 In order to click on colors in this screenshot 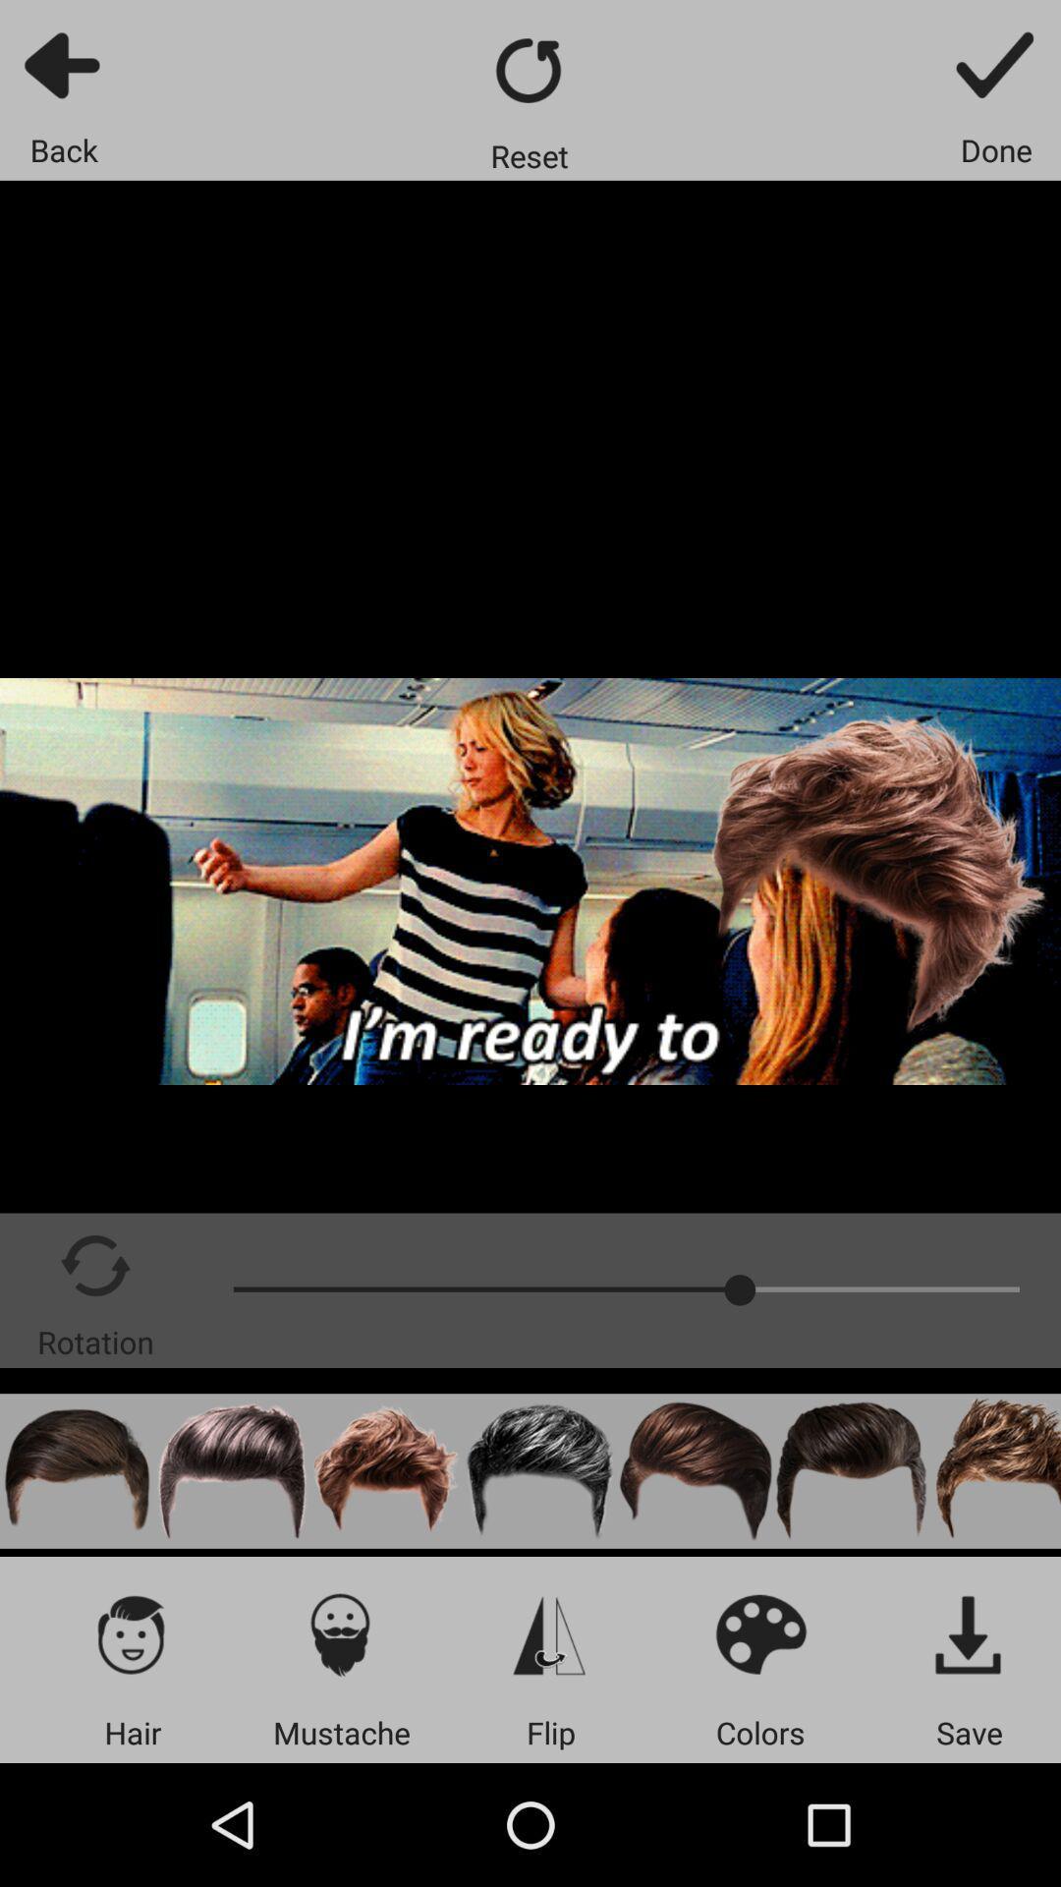, I will do `click(759, 1633)`.